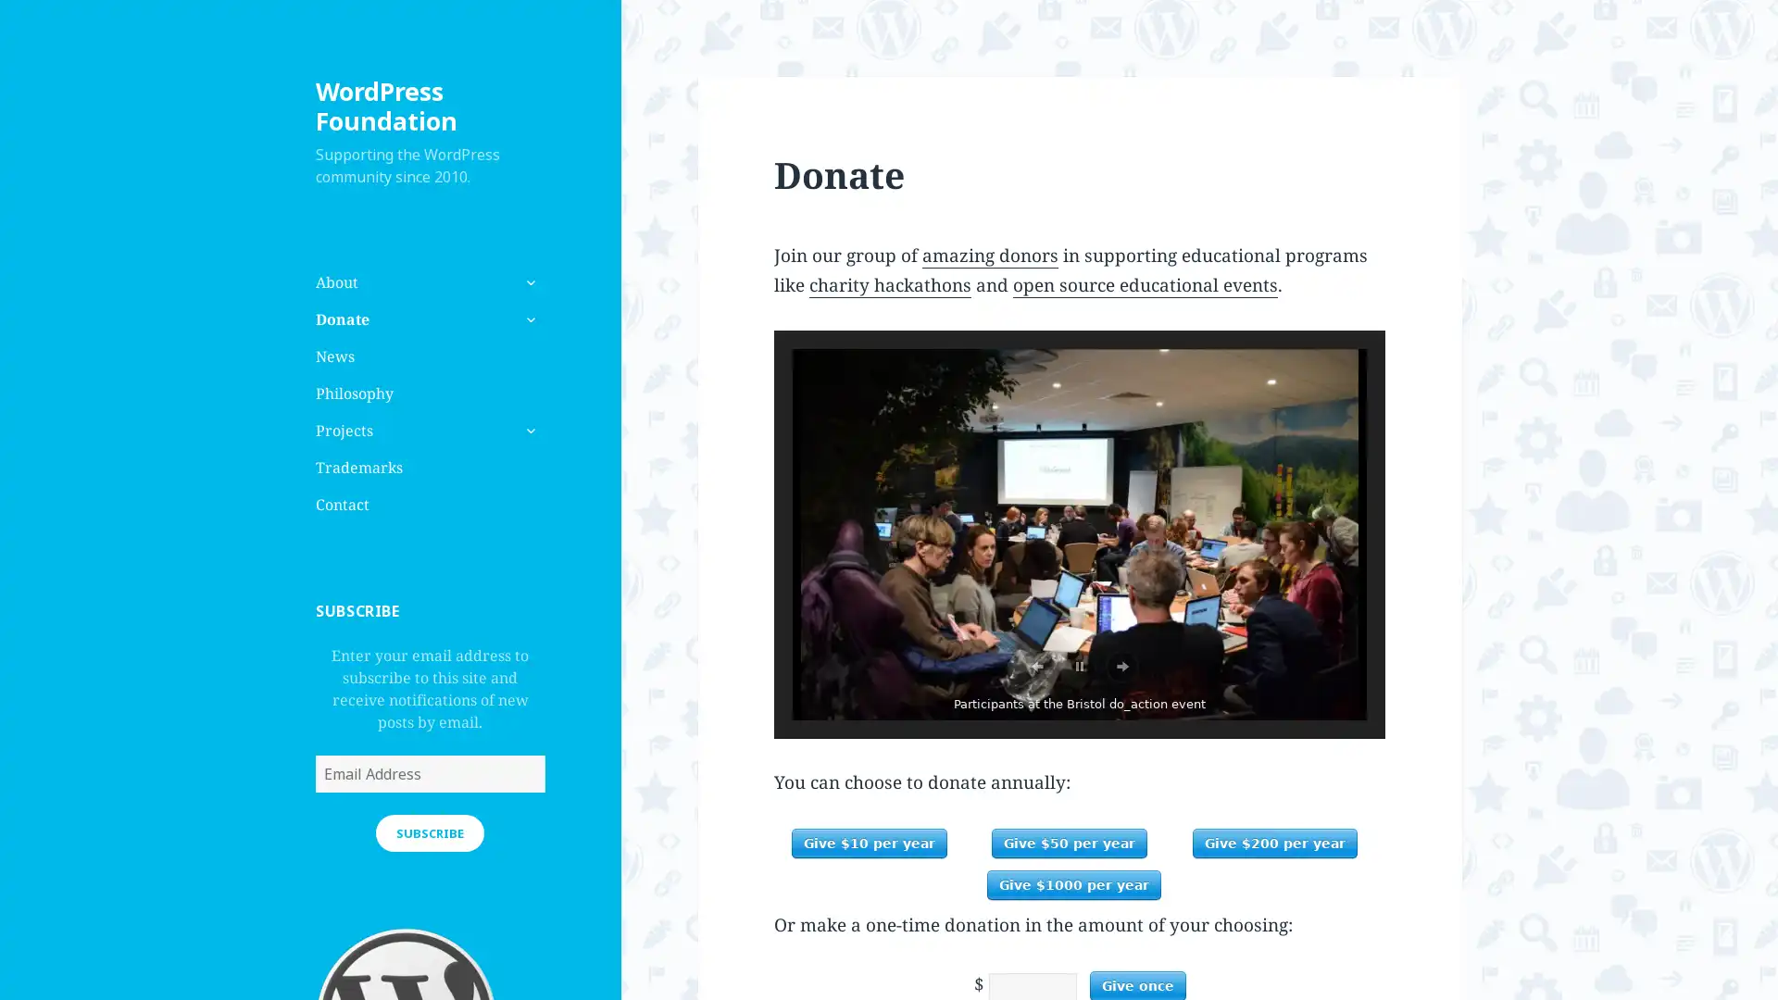  What do you see at coordinates (1080, 667) in the screenshot?
I see `Pause Slideshow` at bounding box center [1080, 667].